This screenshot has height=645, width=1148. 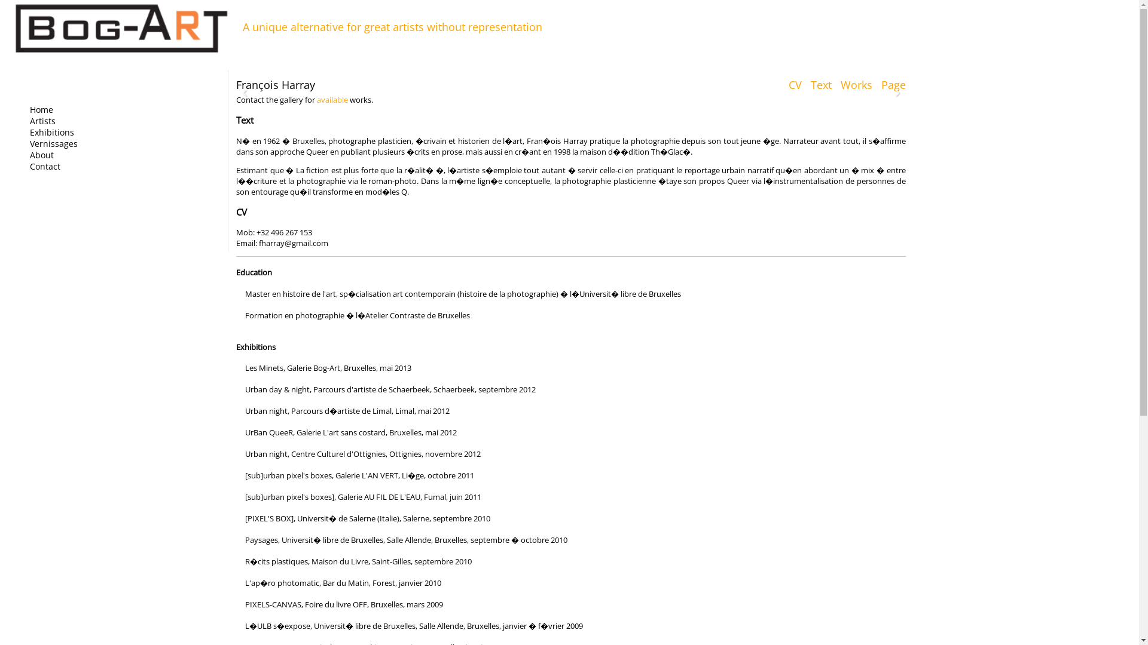 What do you see at coordinates (38, 154) in the screenshot?
I see `'   About'` at bounding box center [38, 154].